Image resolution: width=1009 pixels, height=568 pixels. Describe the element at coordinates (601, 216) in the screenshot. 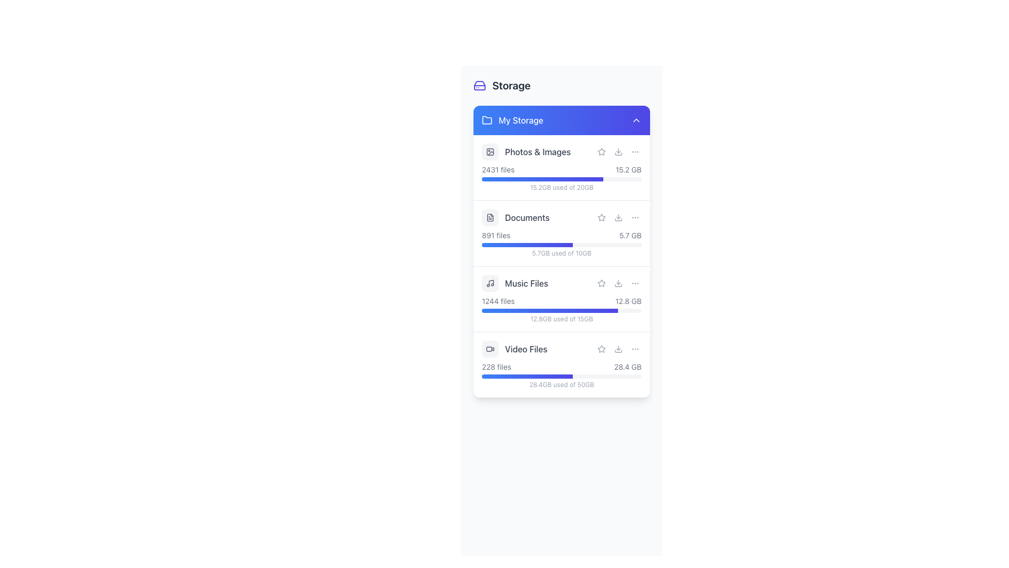

I see `the star icon in the 'Documents' row of the 'My Storage' folder view to star or unstar the item for quick reference` at that location.